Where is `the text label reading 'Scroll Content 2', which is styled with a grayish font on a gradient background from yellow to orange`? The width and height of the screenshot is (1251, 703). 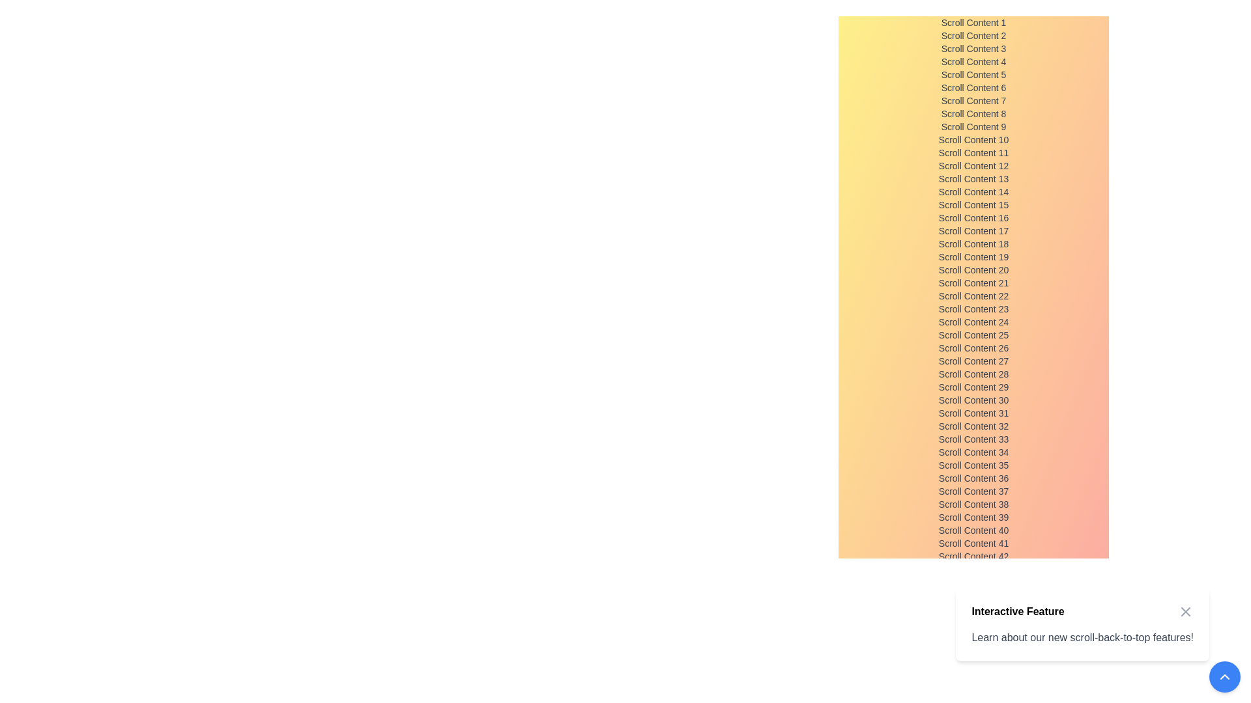 the text label reading 'Scroll Content 2', which is styled with a grayish font on a gradient background from yellow to orange is located at coordinates (973, 34).